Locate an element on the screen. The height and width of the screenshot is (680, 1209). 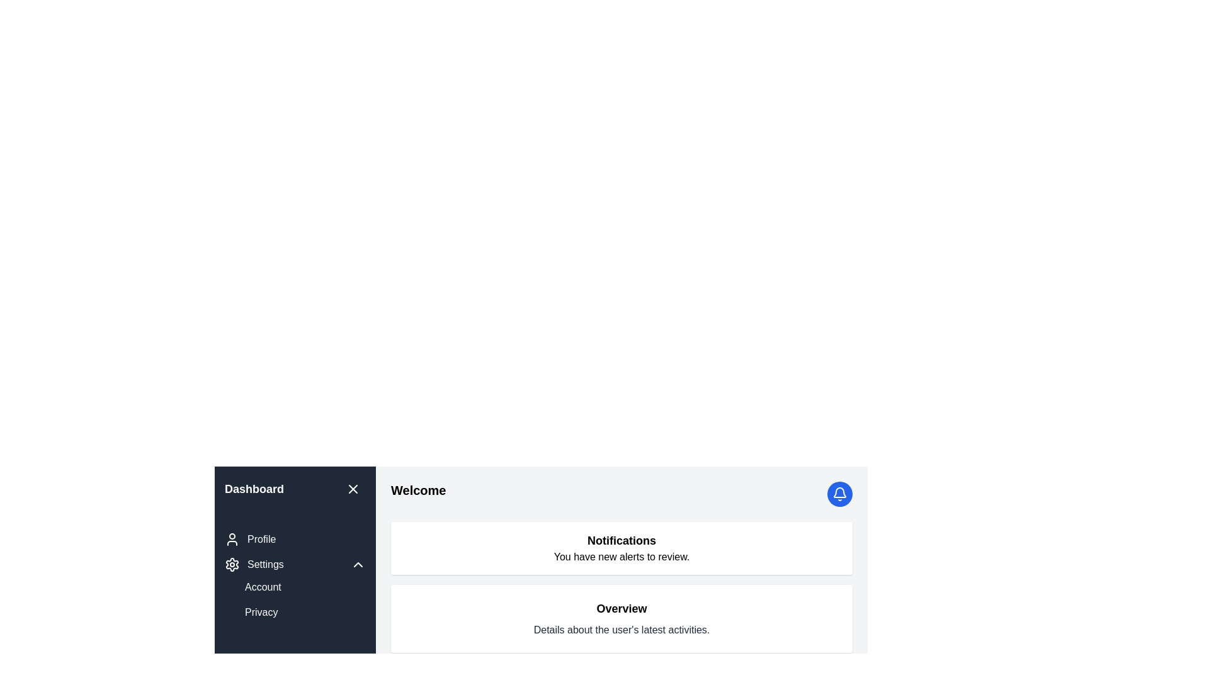
the 'Privacy' option in the vertical nested menu located under the 'Settings' section of the sidebar is located at coordinates (305, 599).